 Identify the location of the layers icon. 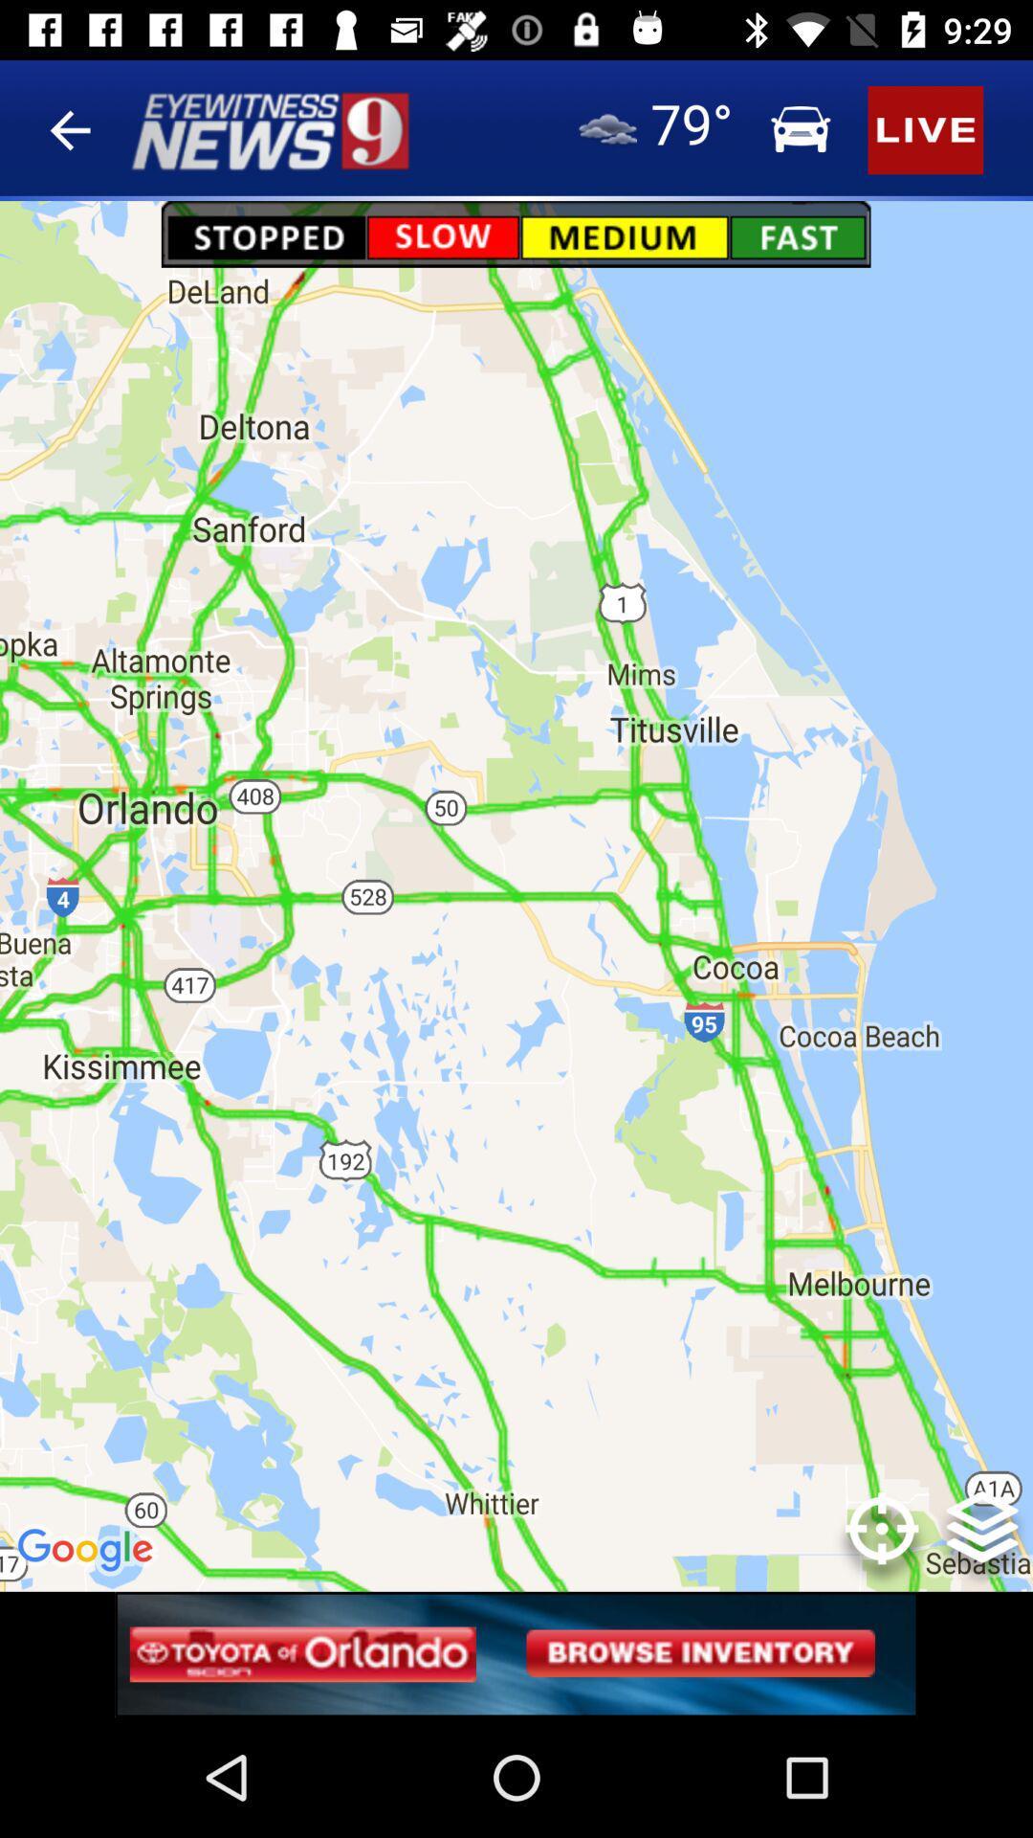
(982, 1541).